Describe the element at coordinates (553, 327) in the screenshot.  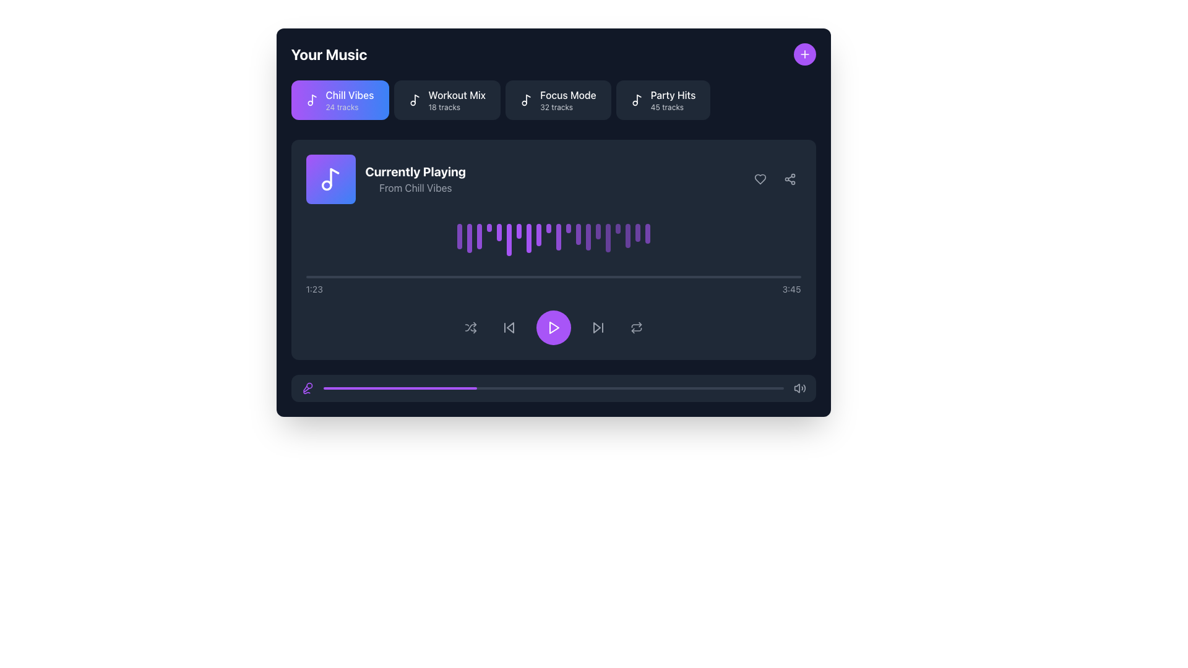
I see `the circular purple button with a white play icon at the center of the playback controls to play or pause` at that location.